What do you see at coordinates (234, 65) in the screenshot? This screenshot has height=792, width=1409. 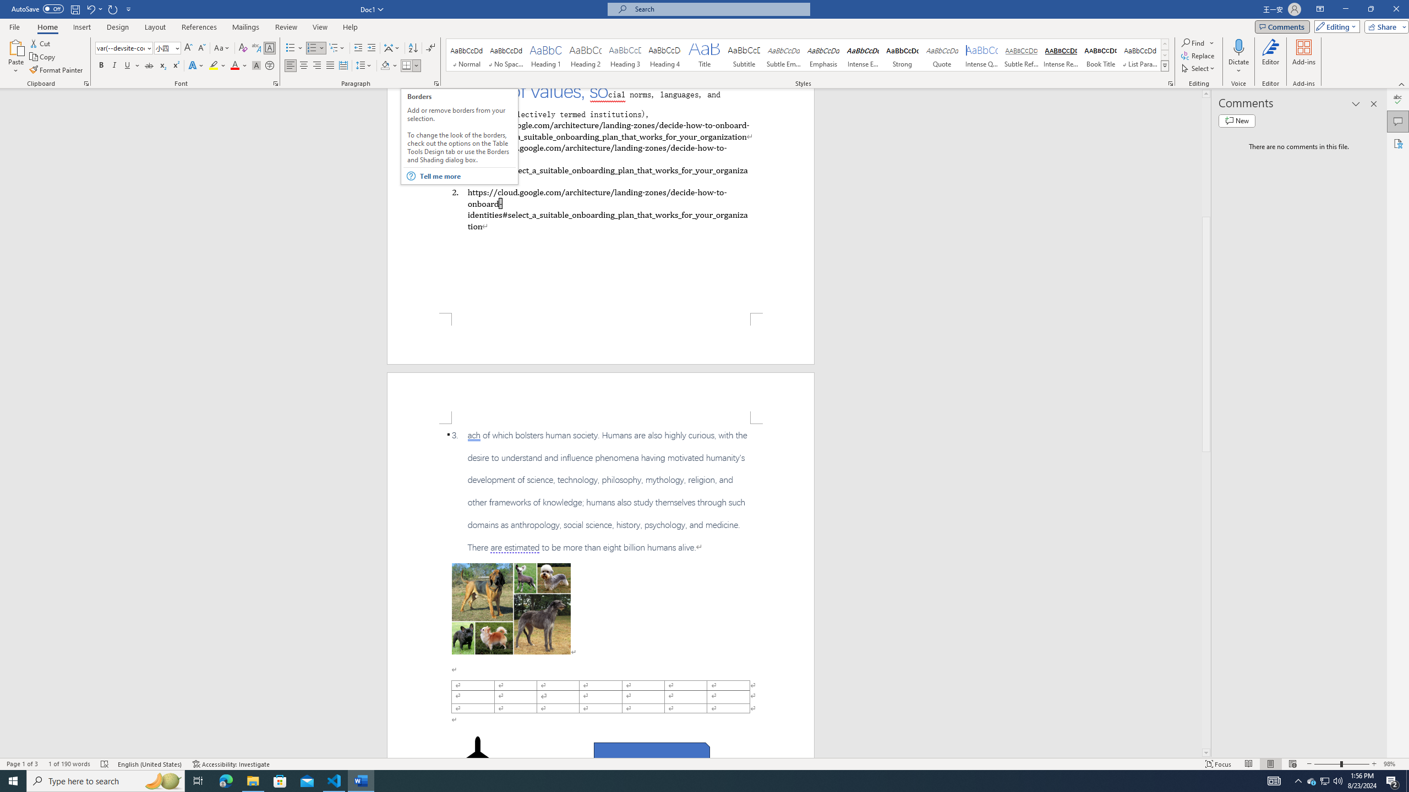 I see `'Font Color Automatic'` at bounding box center [234, 65].